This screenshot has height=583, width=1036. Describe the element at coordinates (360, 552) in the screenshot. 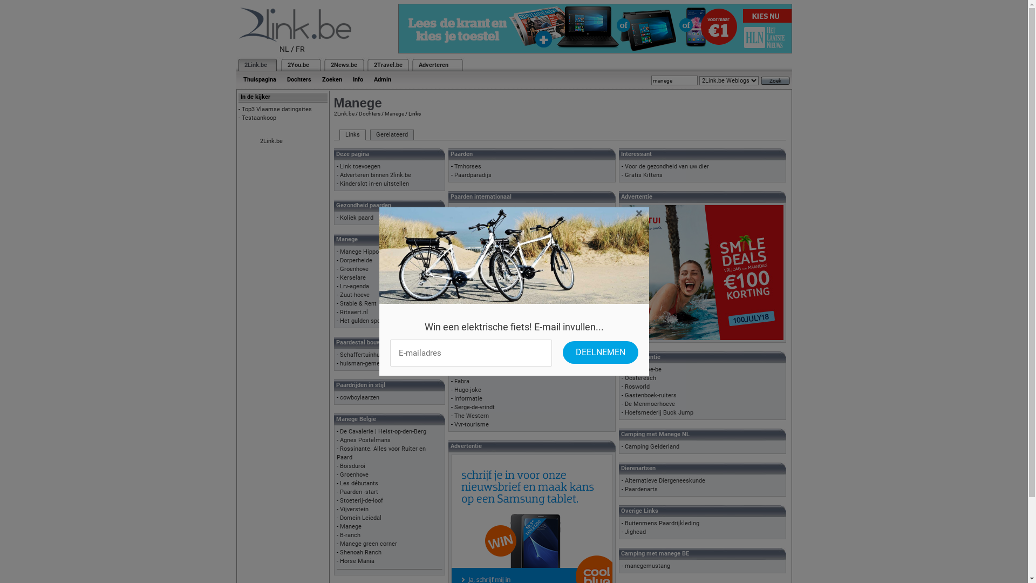

I see `'Shenoah Ranch'` at that location.